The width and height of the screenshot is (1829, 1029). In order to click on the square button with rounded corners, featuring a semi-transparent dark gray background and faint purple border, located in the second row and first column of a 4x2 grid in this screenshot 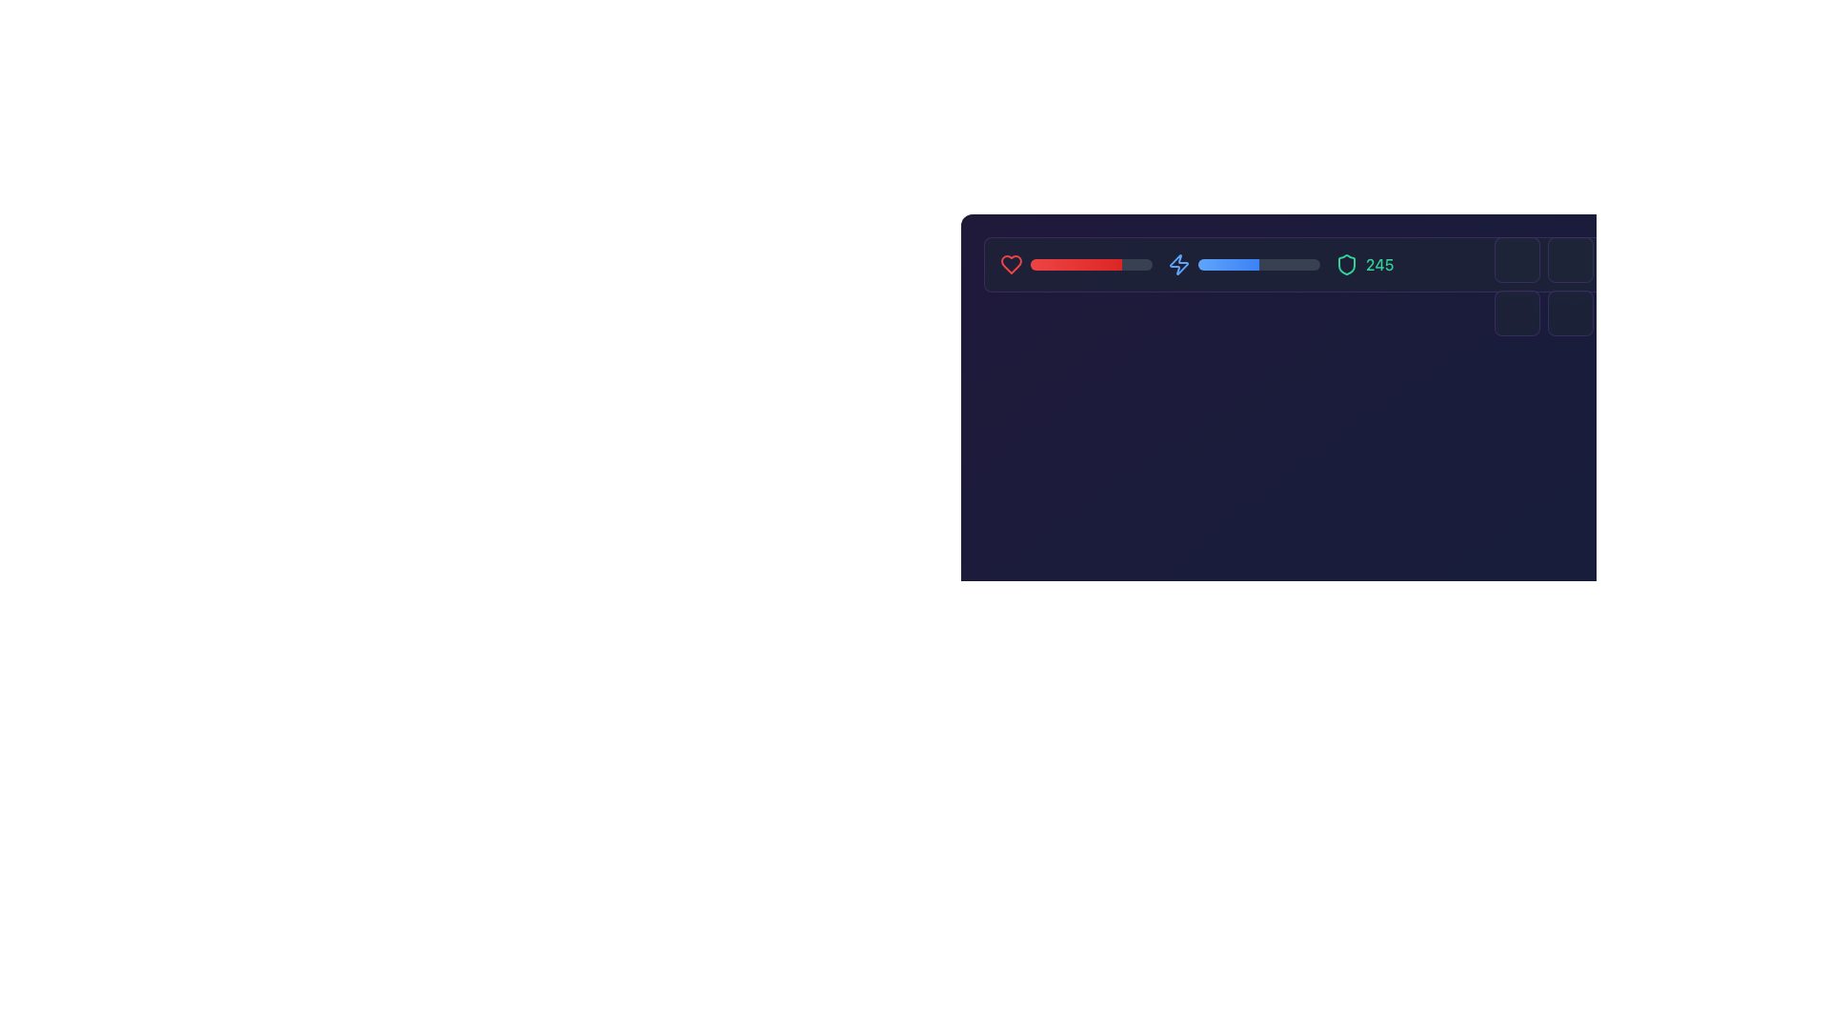, I will do `click(1517, 312)`.